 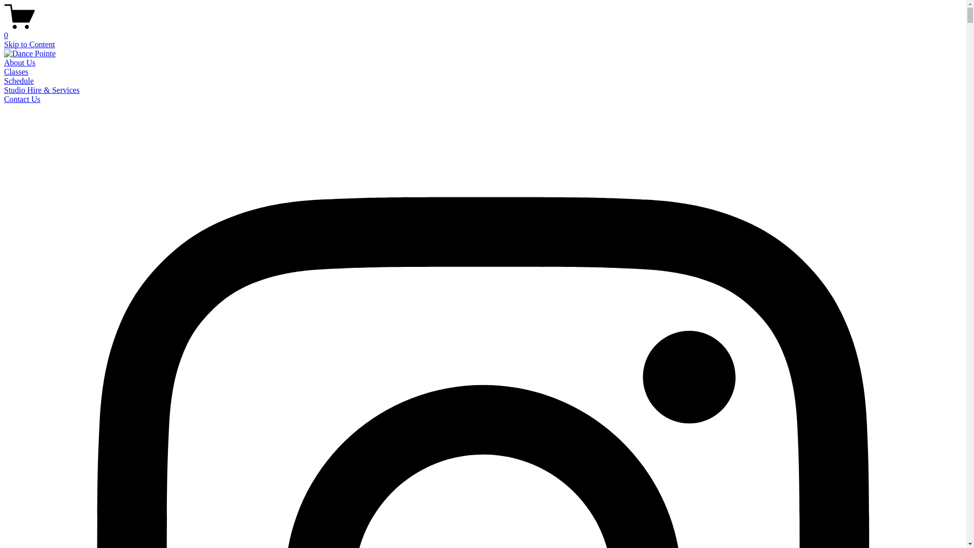 I want to click on 'Skip to Content', so click(x=29, y=44).